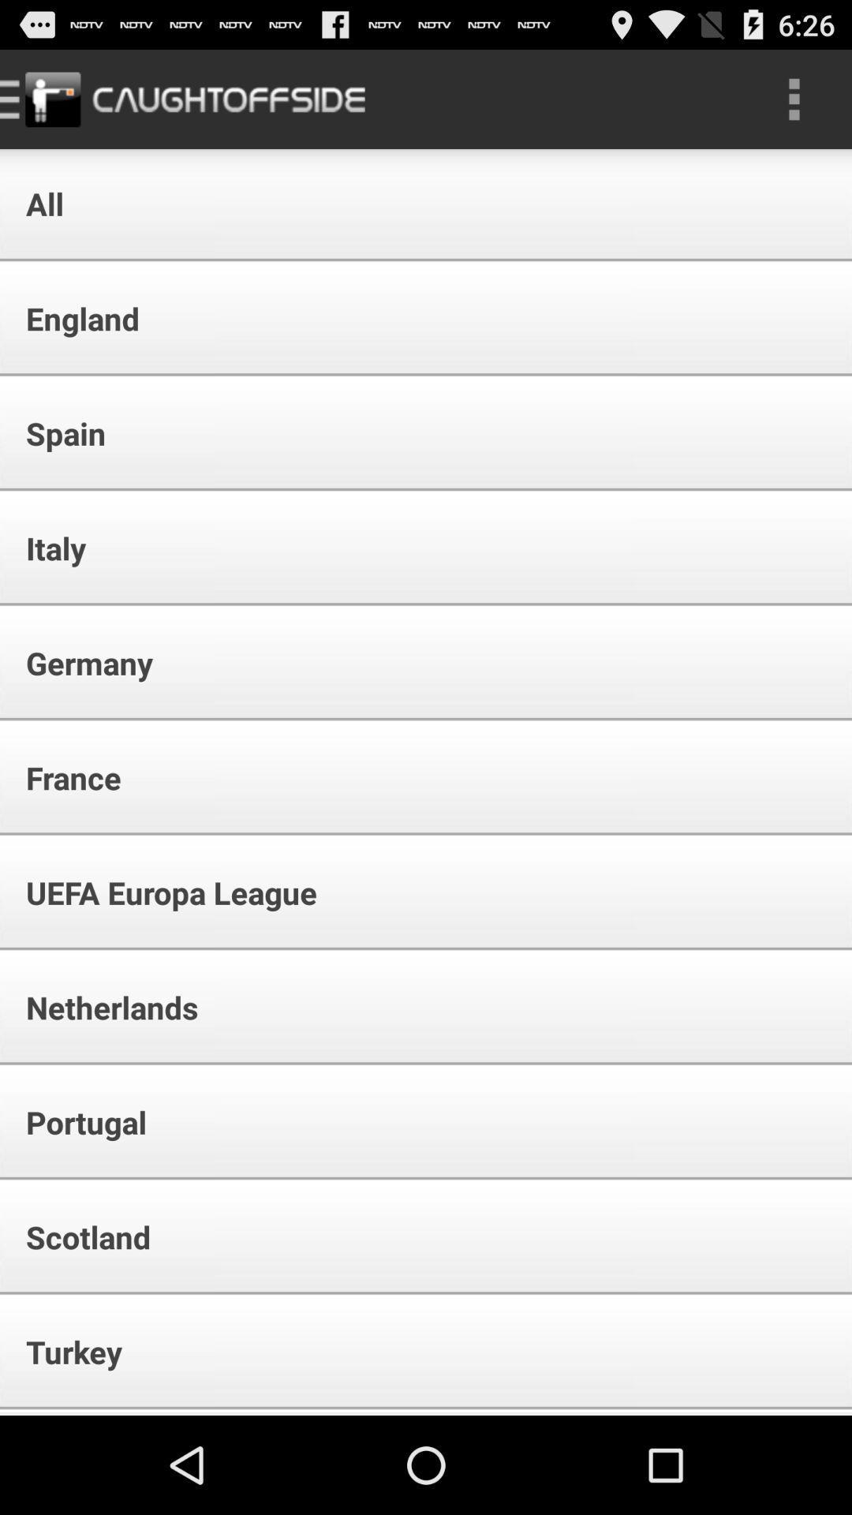  What do you see at coordinates (101, 1006) in the screenshot?
I see `netherlands icon` at bounding box center [101, 1006].